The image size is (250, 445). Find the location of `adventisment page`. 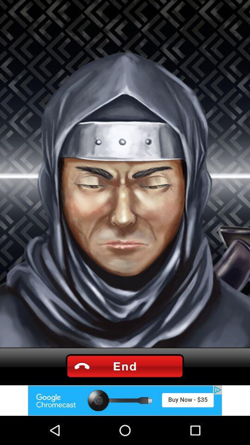

adventisment page is located at coordinates (125, 400).